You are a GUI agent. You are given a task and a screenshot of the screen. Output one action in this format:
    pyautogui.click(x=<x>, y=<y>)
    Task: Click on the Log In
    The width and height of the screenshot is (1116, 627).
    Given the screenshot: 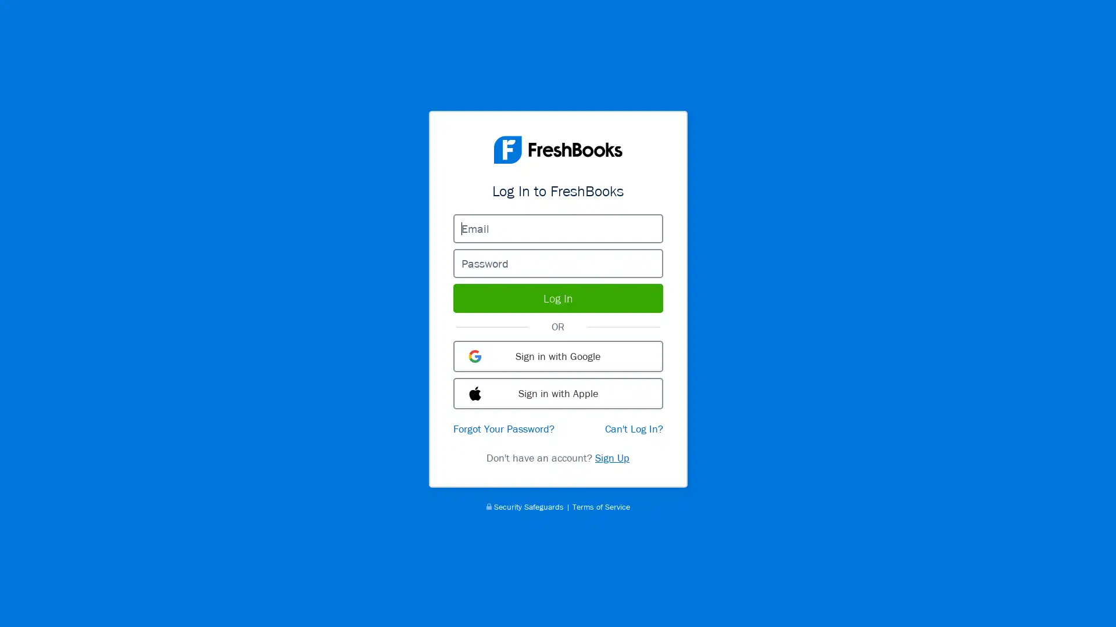 What is the action you would take?
    pyautogui.click(x=557, y=297)
    